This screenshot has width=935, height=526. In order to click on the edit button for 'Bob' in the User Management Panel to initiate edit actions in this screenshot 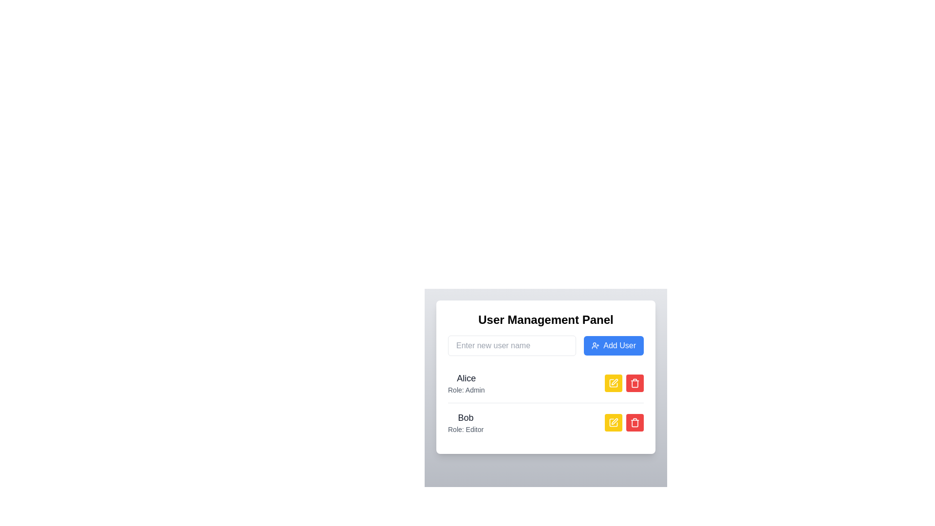, I will do `click(613, 422)`.